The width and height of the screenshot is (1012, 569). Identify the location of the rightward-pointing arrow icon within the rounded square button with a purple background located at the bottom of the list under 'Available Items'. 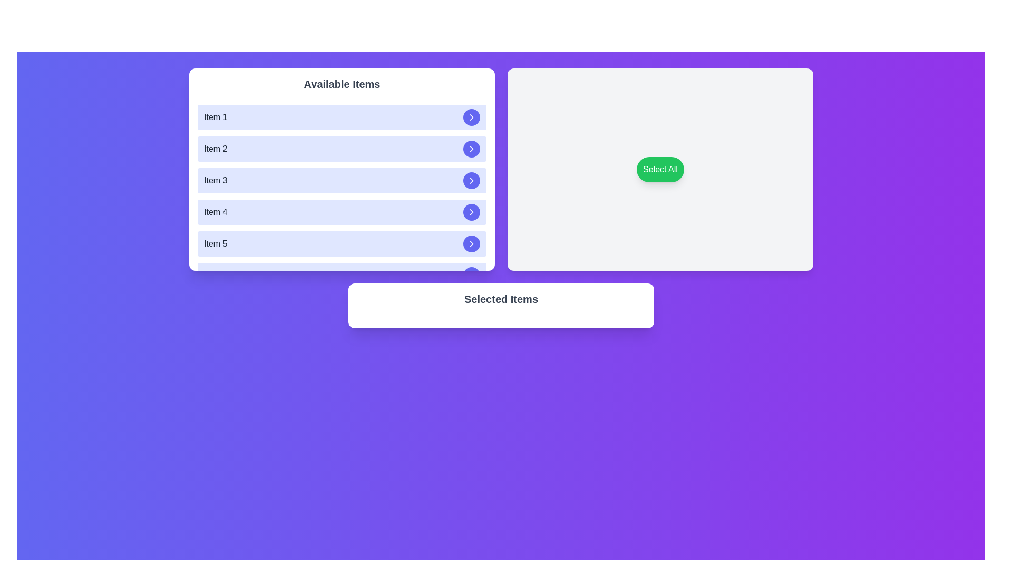
(471, 243).